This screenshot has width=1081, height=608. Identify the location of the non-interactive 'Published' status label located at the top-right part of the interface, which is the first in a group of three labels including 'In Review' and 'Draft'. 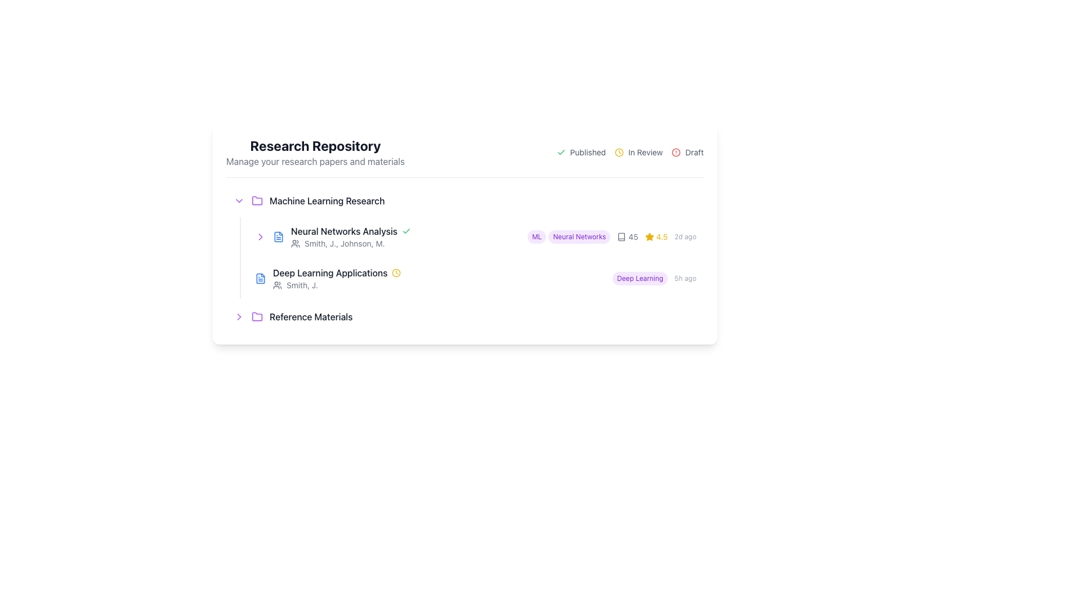
(581, 152).